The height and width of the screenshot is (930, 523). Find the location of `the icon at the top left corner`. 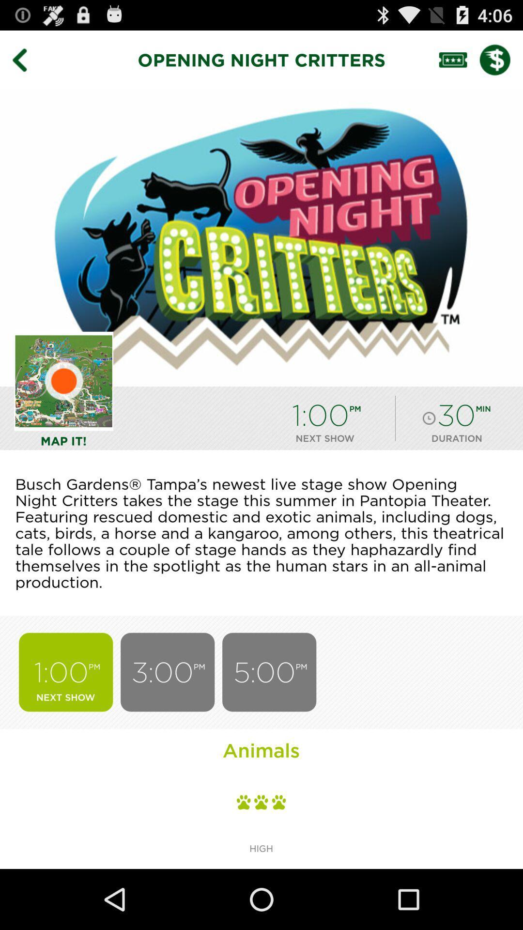

the icon at the top left corner is located at coordinates (26, 59).